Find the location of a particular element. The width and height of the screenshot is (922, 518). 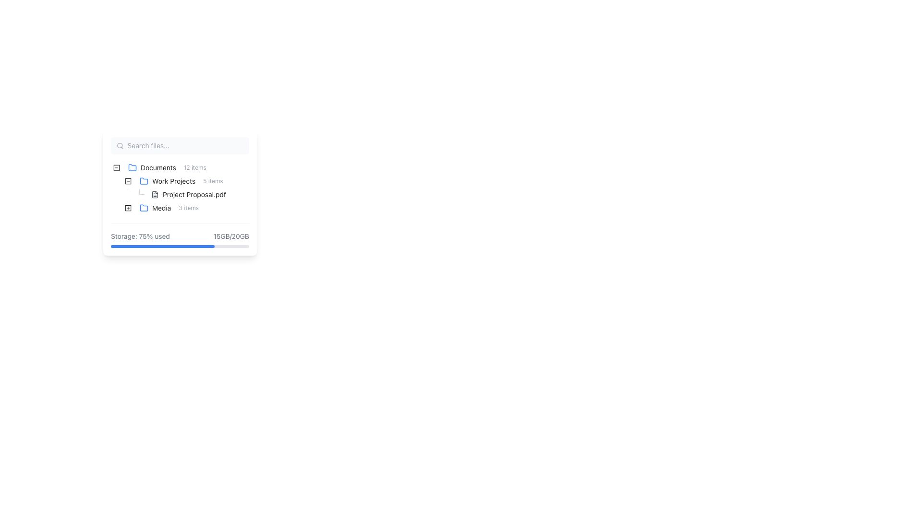

the 'Media' folder label within the 'Work Projects' folder in the file management tree interface is located at coordinates (169, 208).